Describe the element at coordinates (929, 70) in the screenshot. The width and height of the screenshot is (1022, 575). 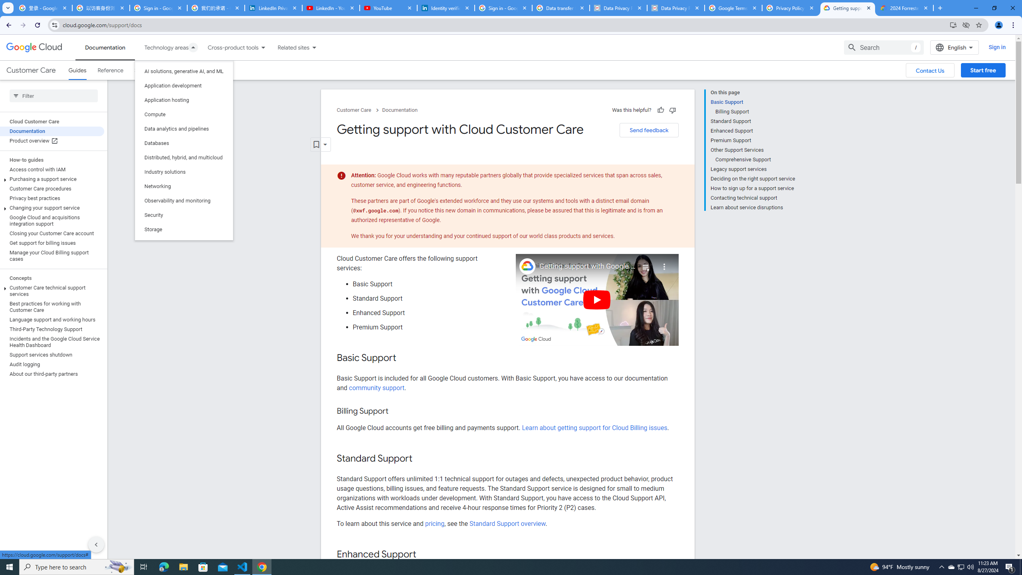
I see `'Contact Us'` at that location.